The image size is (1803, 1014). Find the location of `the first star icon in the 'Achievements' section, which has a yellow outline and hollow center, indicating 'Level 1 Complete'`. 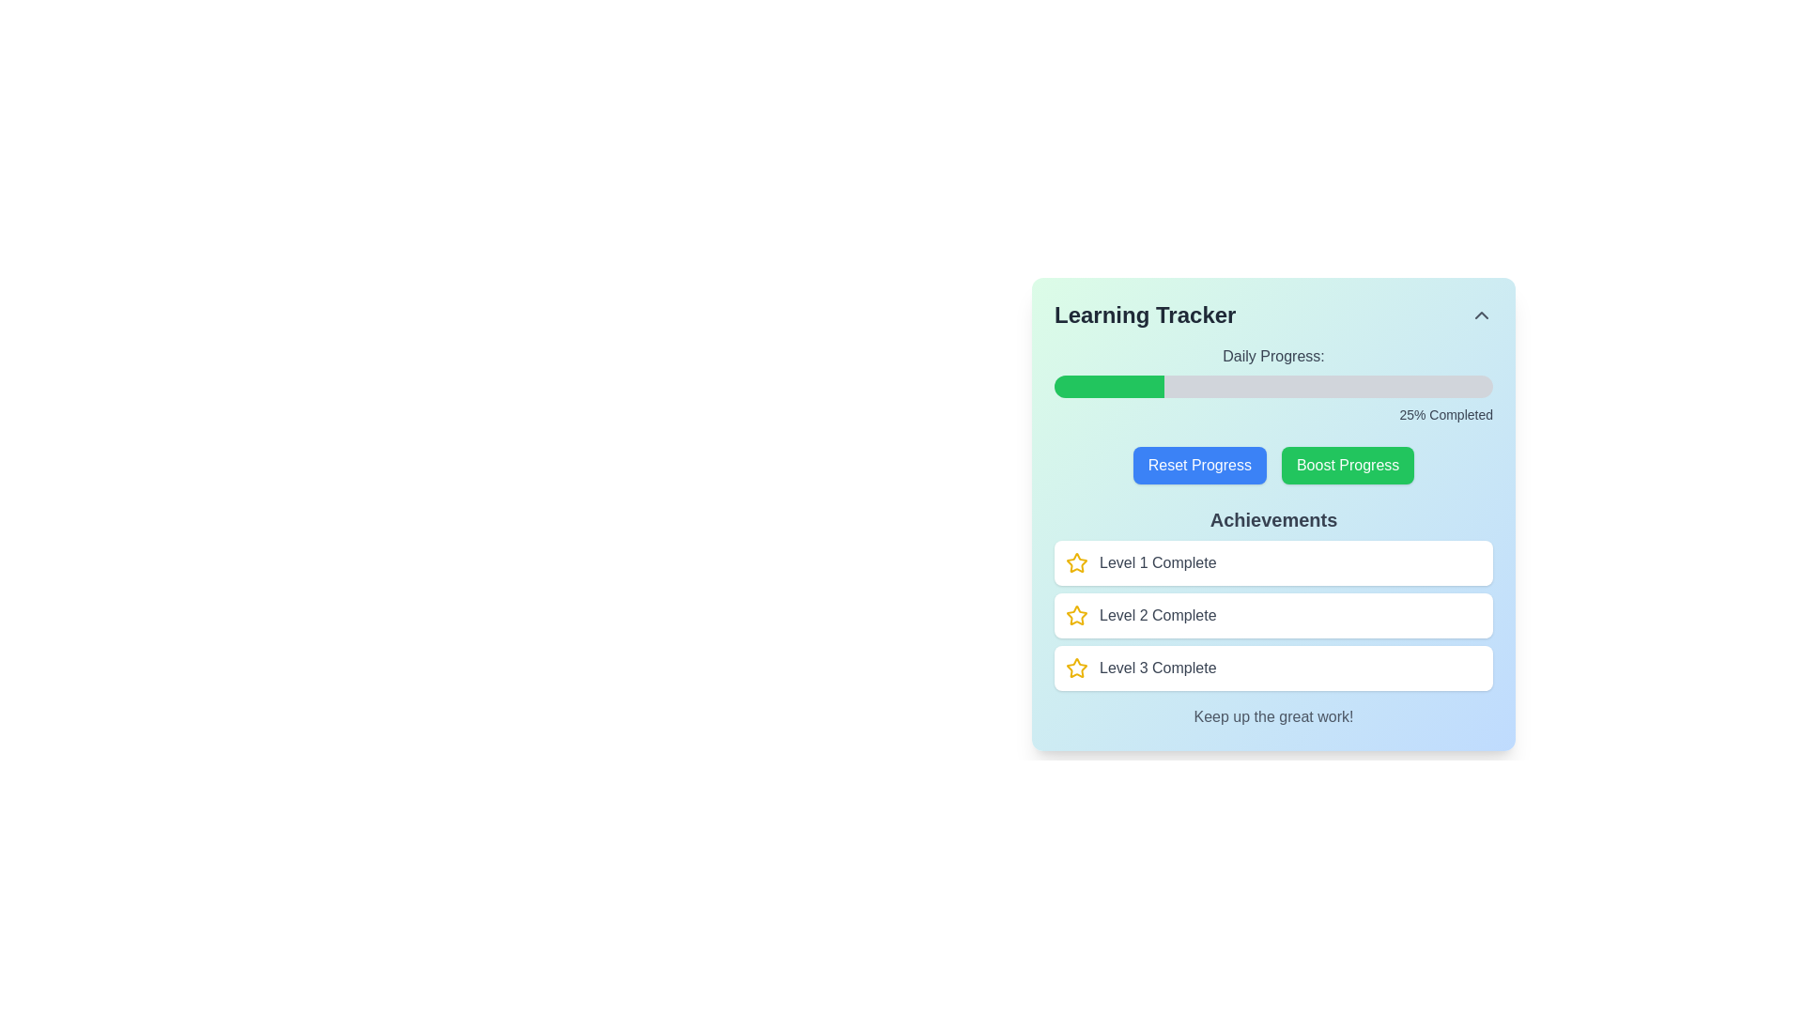

the first star icon in the 'Achievements' section, which has a yellow outline and hollow center, indicating 'Level 1 Complete' is located at coordinates (1077, 615).